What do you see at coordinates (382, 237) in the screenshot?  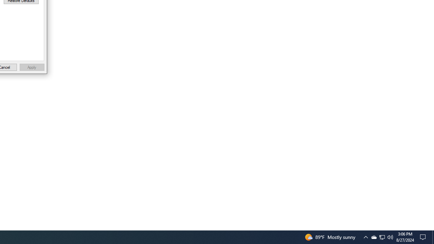 I see `'Notification Chevron'` at bounding box center [382, 237].